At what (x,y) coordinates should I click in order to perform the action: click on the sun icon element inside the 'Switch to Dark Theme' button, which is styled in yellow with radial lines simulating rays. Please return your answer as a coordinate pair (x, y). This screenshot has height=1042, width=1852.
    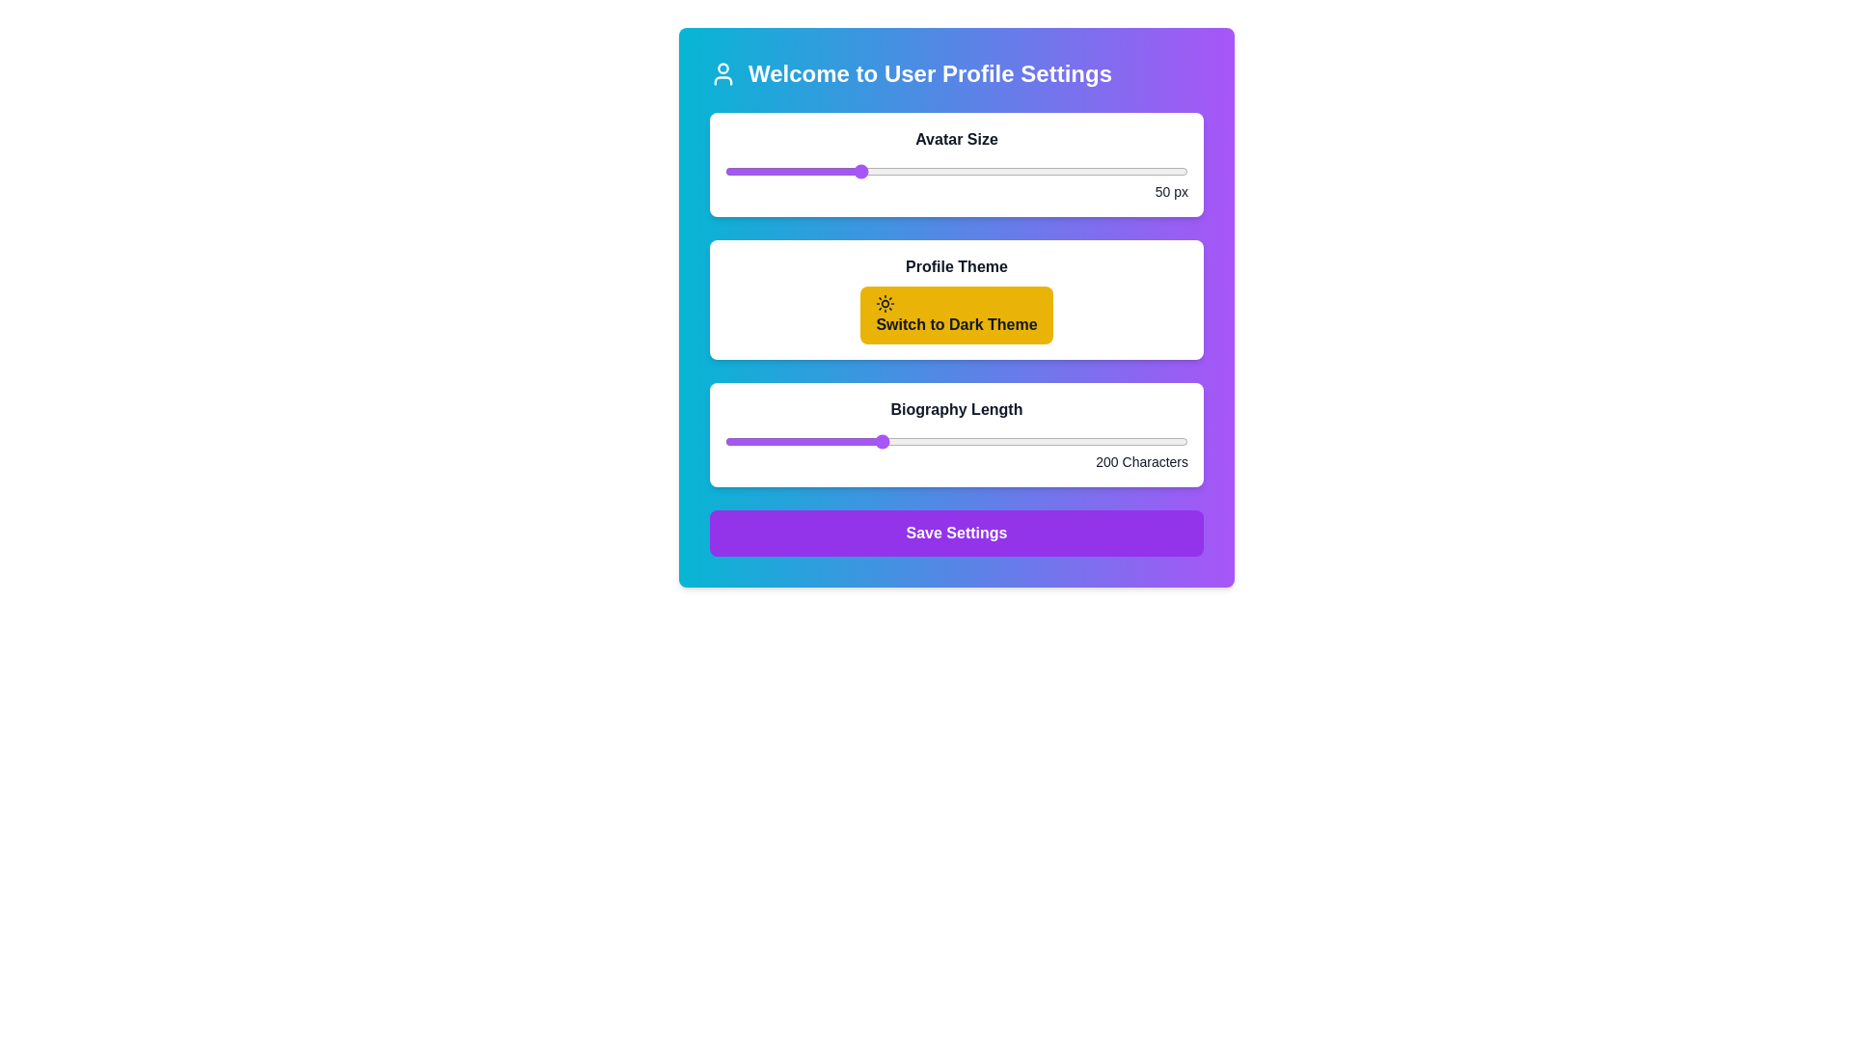
    Looking at the image, I should click on (885, 304).